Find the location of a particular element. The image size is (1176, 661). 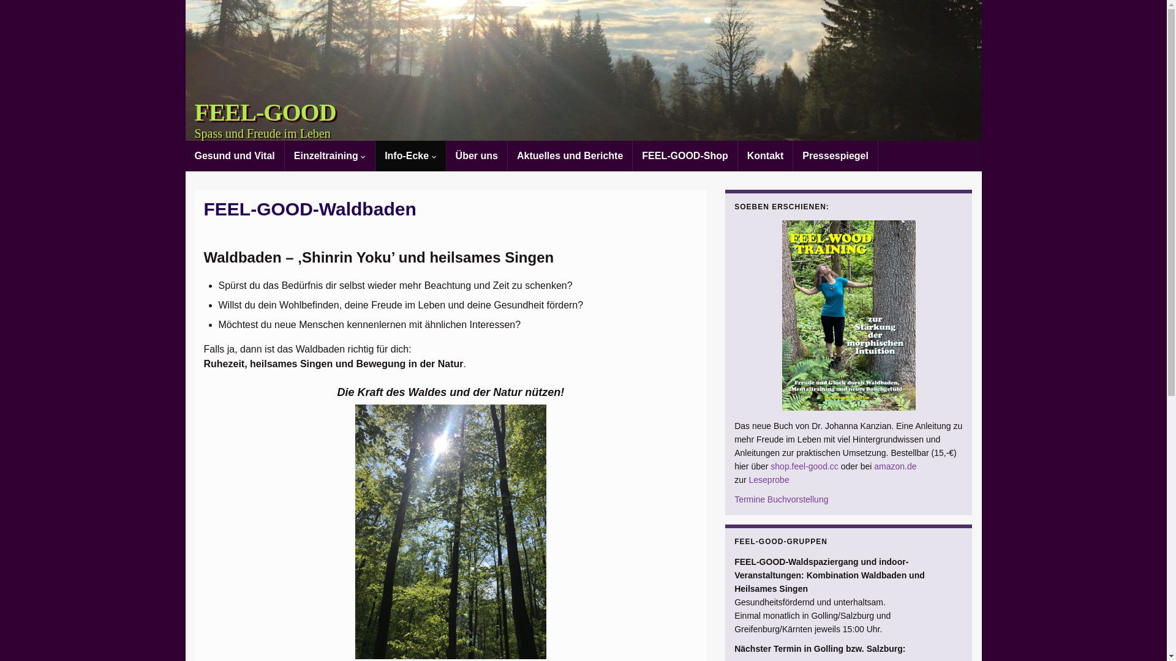

'Gesund und Vital' is located at coordinates (234, 155).